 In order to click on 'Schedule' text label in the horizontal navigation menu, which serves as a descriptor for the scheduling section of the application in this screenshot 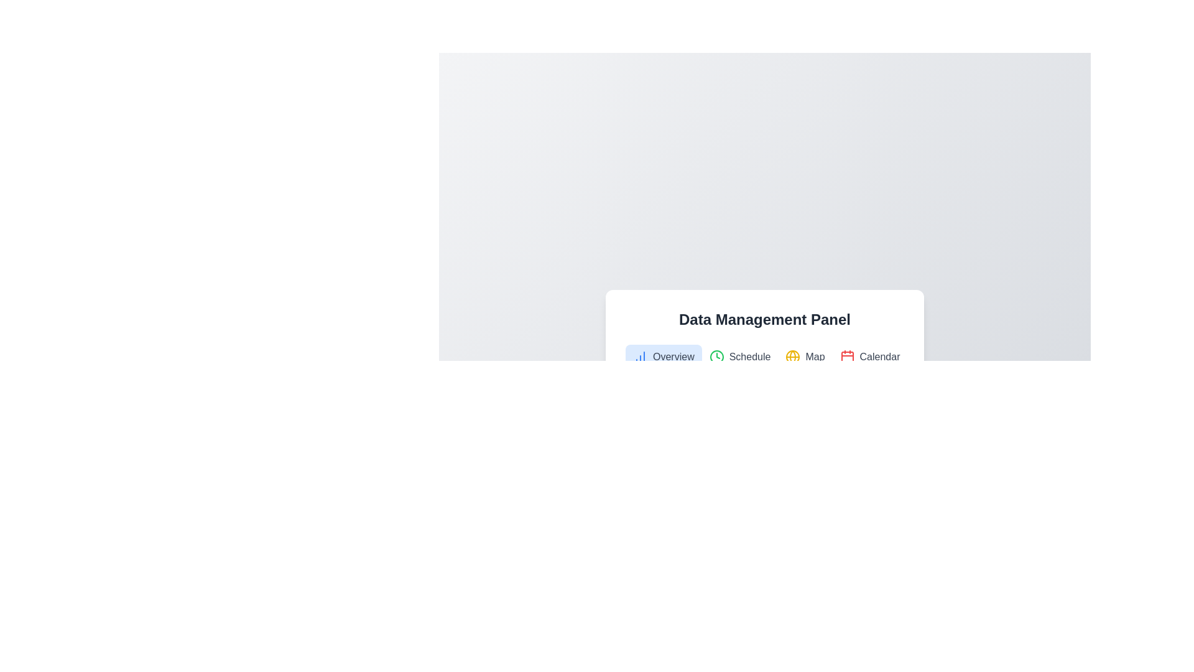, I will do `click(749, 357)`.